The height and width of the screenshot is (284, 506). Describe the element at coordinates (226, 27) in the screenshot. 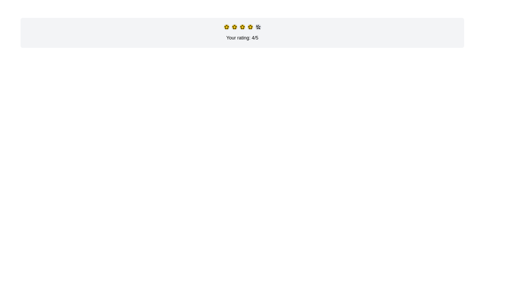

I see `the first button in the 5-star rating system, which represents a 1-star rating` at that location.